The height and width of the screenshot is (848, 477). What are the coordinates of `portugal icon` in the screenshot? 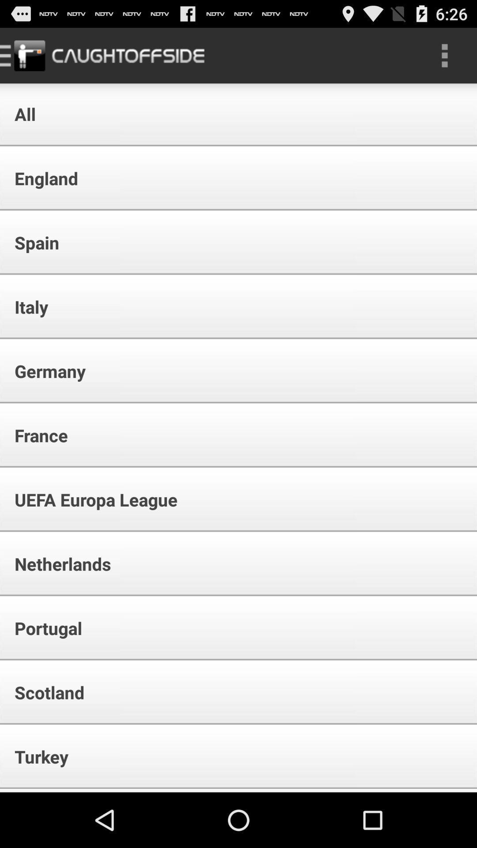 It's located at (42, 628).